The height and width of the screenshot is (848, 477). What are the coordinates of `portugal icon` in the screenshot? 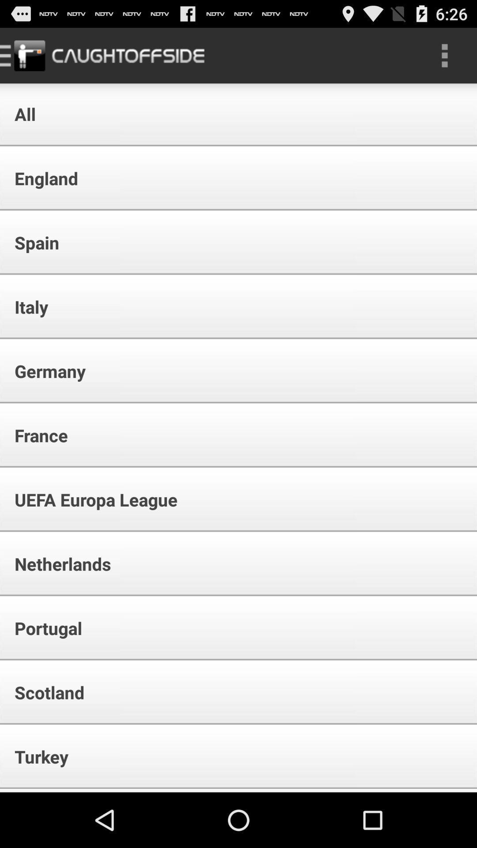 It's located at (42, 628).